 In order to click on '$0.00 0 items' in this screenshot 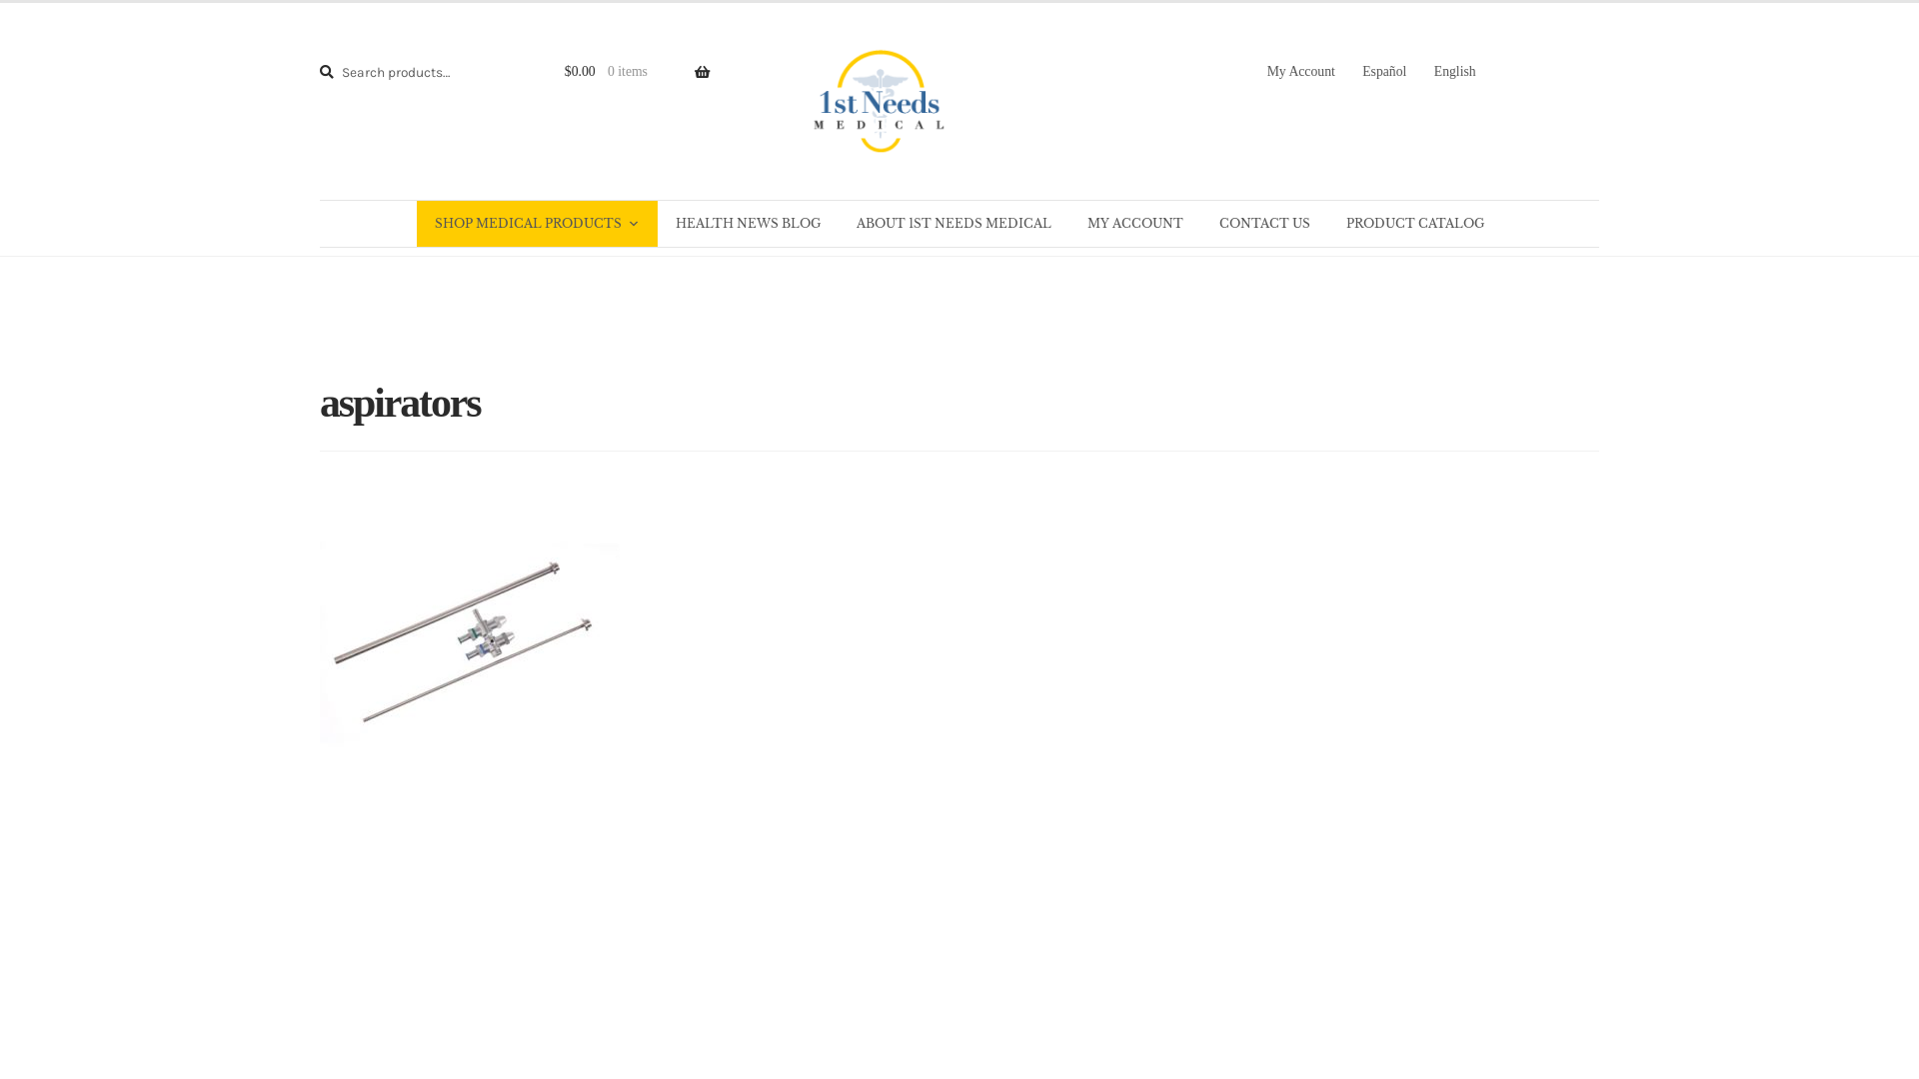, I will do `click(625, 71)`.